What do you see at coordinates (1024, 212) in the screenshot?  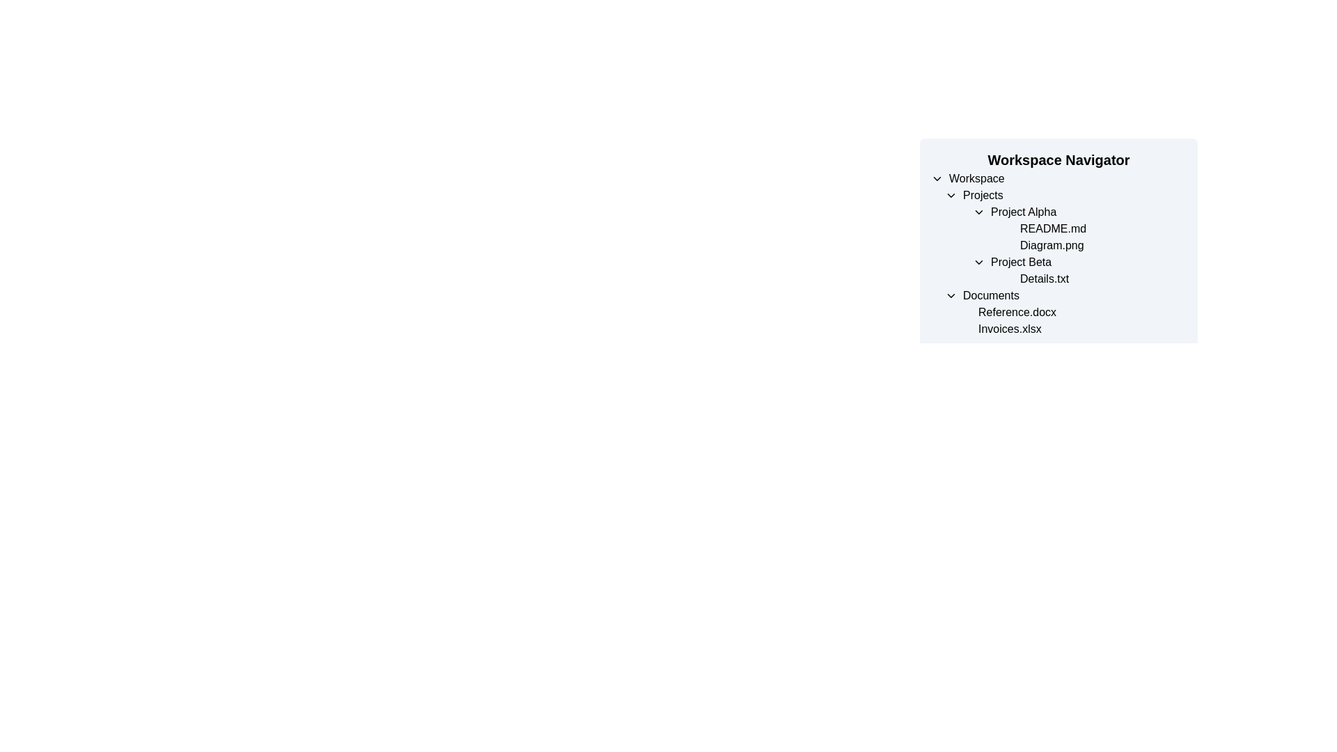 I see `the 'Project Alpha' text label located in the 'Projects' section of the 'Workspace Navigator'` at bounding box center [1024, 212].